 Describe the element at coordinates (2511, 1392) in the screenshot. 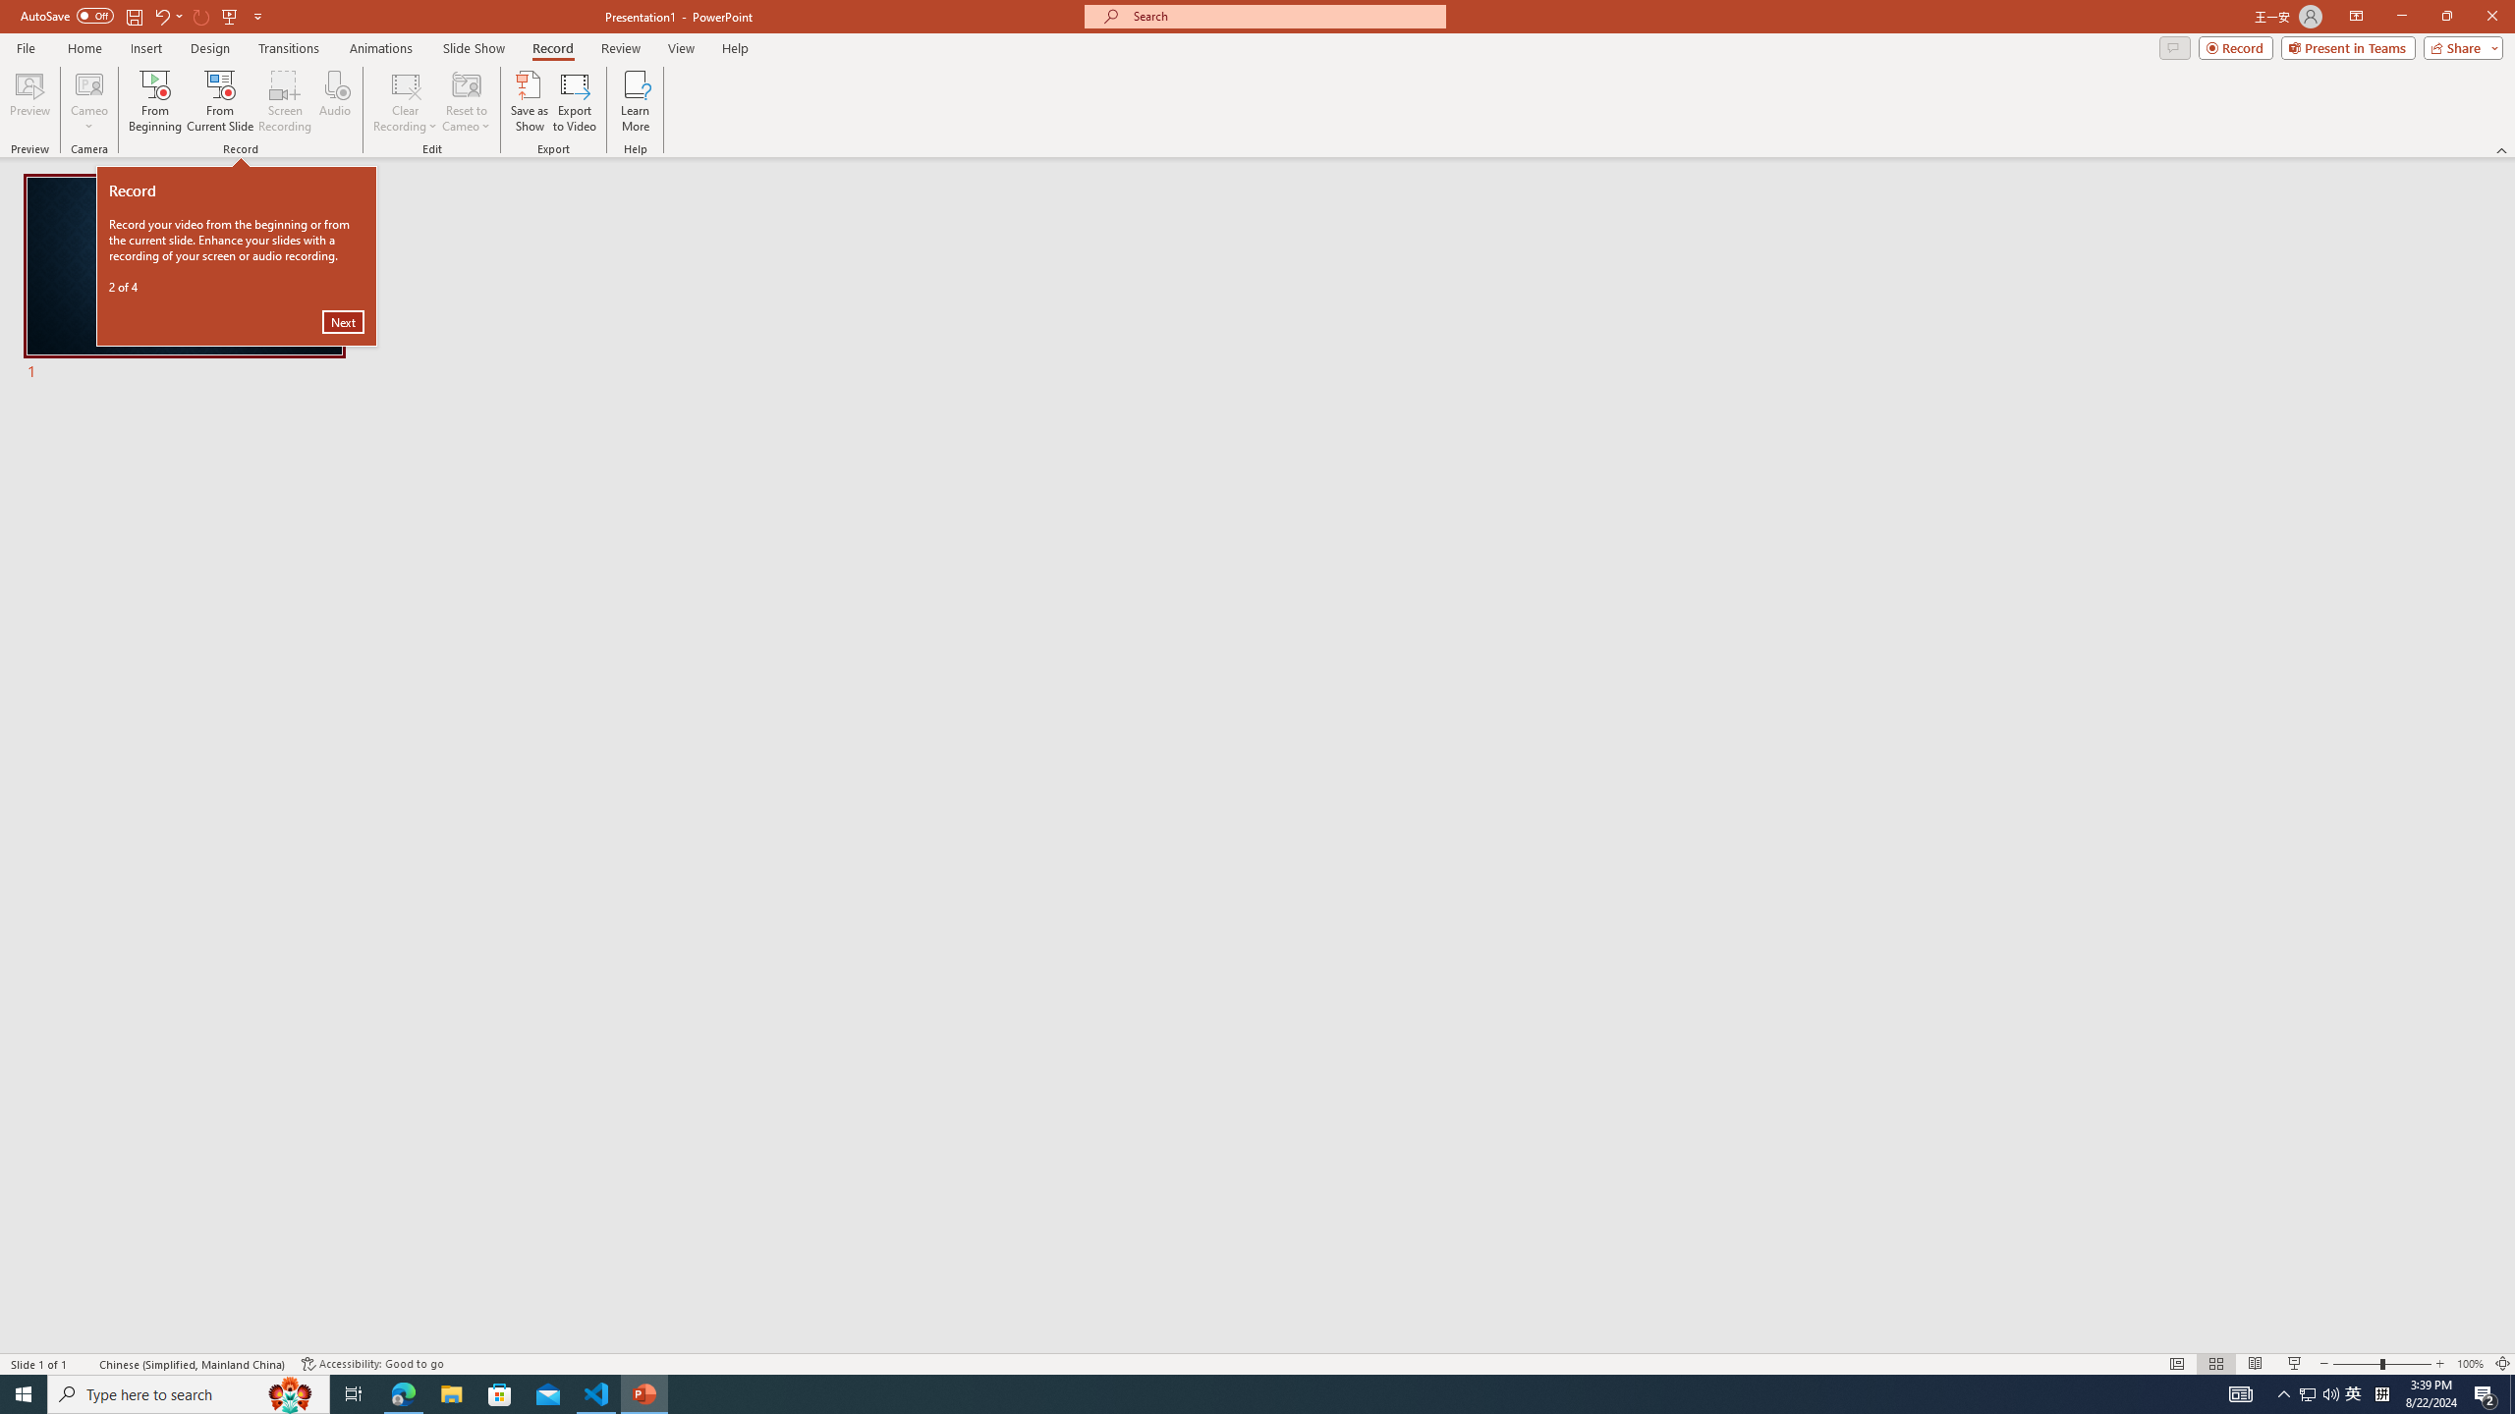

I see `'Show desktop'` at that location.